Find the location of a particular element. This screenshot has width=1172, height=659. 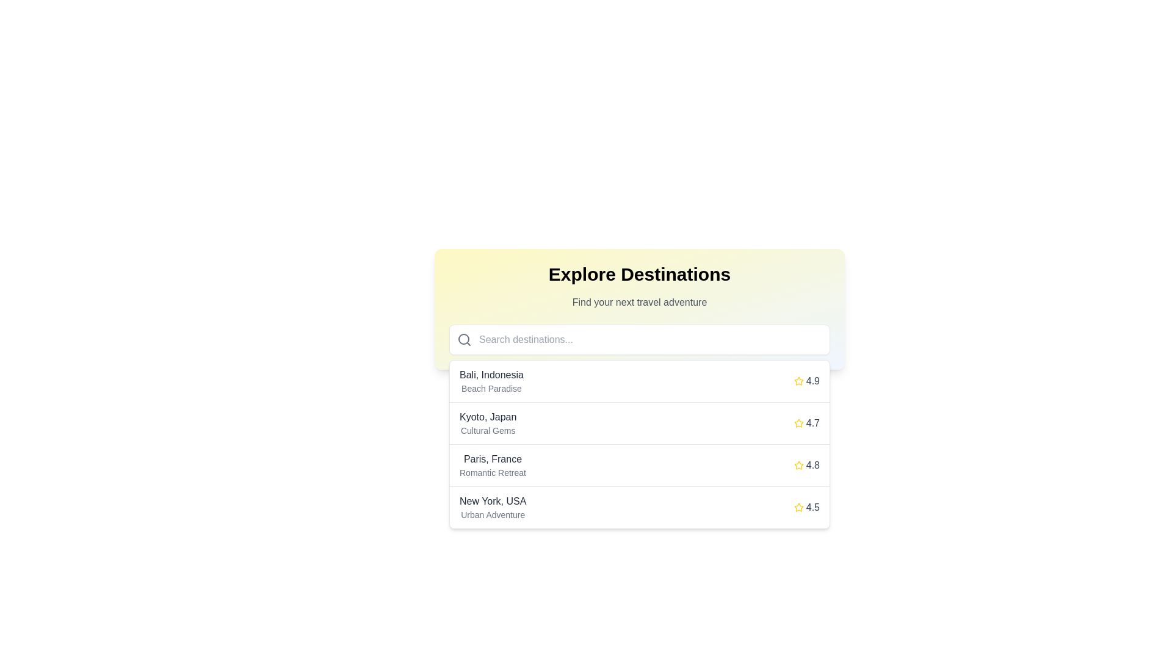

design of the Rating display for 'Bali, Indonesia - Beach Paradise', which features a yellow star icon and the text '4.9' is located at coordinates (806, 380).